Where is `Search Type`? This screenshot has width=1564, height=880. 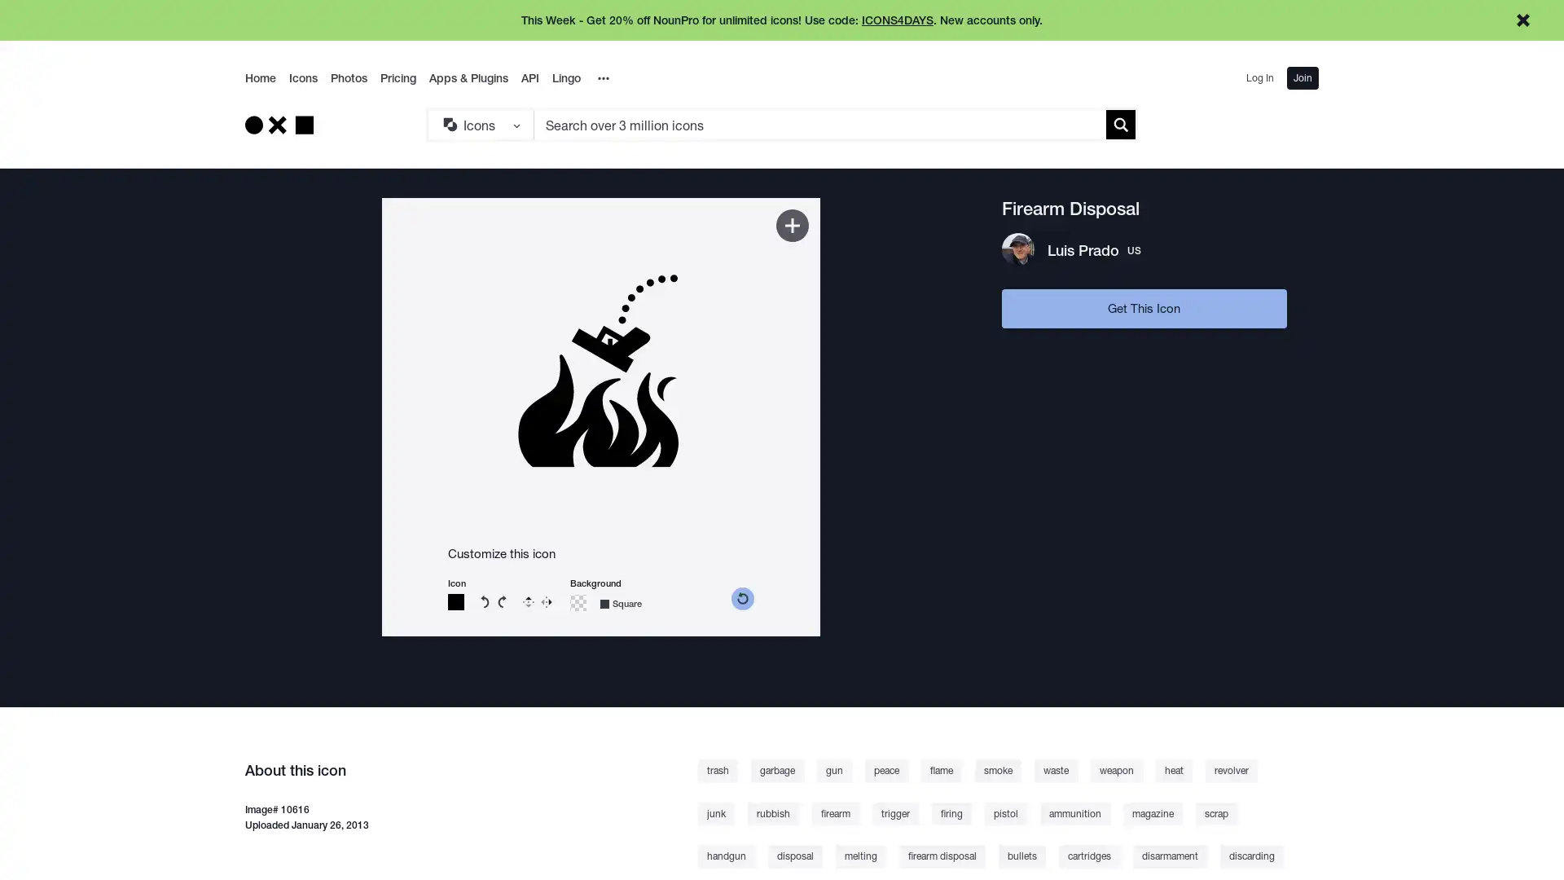 Search Type is located at coordinates (480, 124).